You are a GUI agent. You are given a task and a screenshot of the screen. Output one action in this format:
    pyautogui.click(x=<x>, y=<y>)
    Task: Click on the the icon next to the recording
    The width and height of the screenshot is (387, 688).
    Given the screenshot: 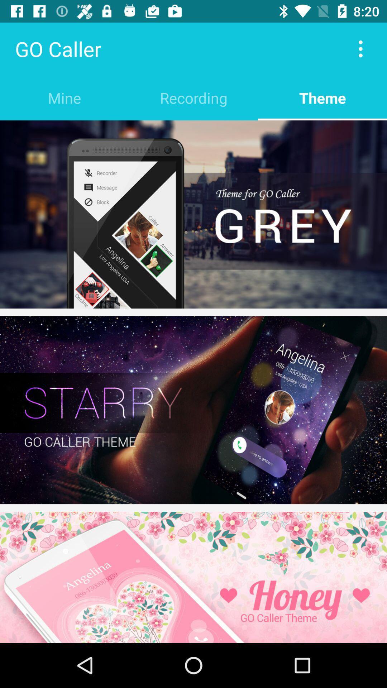 What is the action you would take?
    pyautogui.click(x=64, y=97)
    